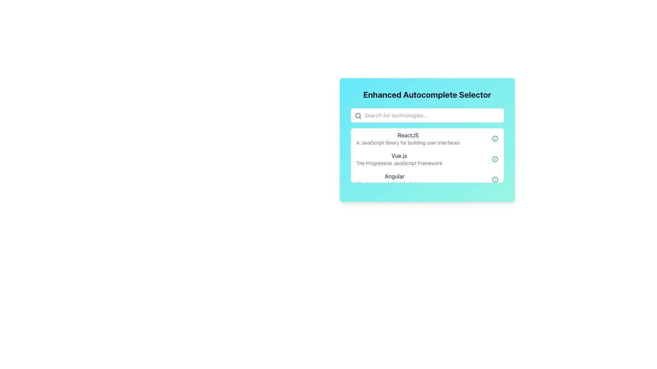  I want to click on the second selectable option 'Vue.js' in the Enhanced Autocomplete Selector dropdown menu, so click(427, 155).